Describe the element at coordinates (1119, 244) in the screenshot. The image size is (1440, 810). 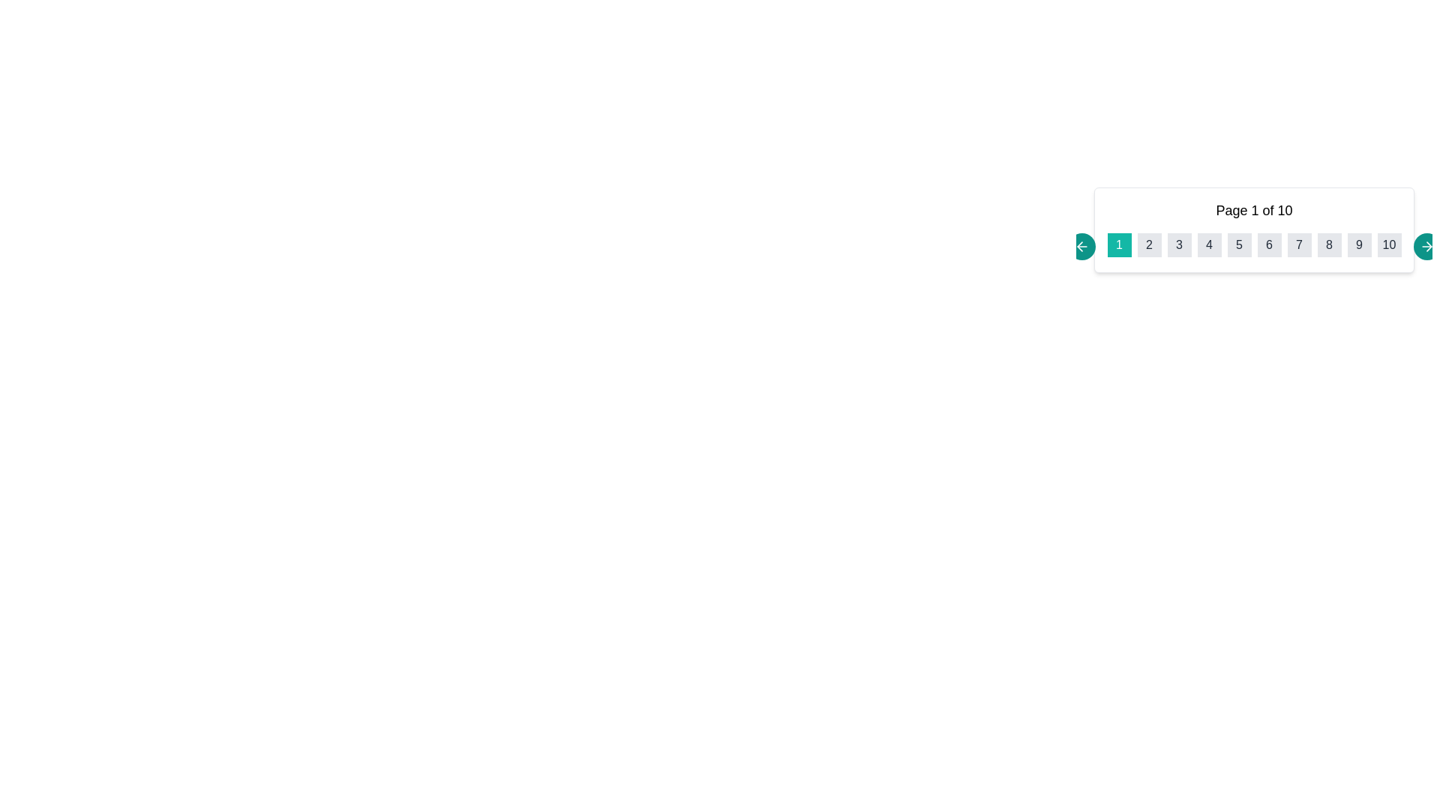
I see `the first button in the pagination control` at that location.